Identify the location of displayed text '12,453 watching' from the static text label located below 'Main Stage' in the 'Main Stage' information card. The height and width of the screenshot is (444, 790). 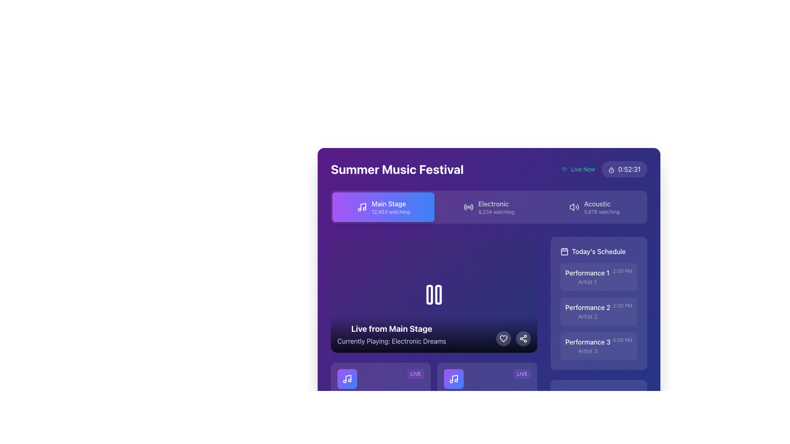
(390, 212).